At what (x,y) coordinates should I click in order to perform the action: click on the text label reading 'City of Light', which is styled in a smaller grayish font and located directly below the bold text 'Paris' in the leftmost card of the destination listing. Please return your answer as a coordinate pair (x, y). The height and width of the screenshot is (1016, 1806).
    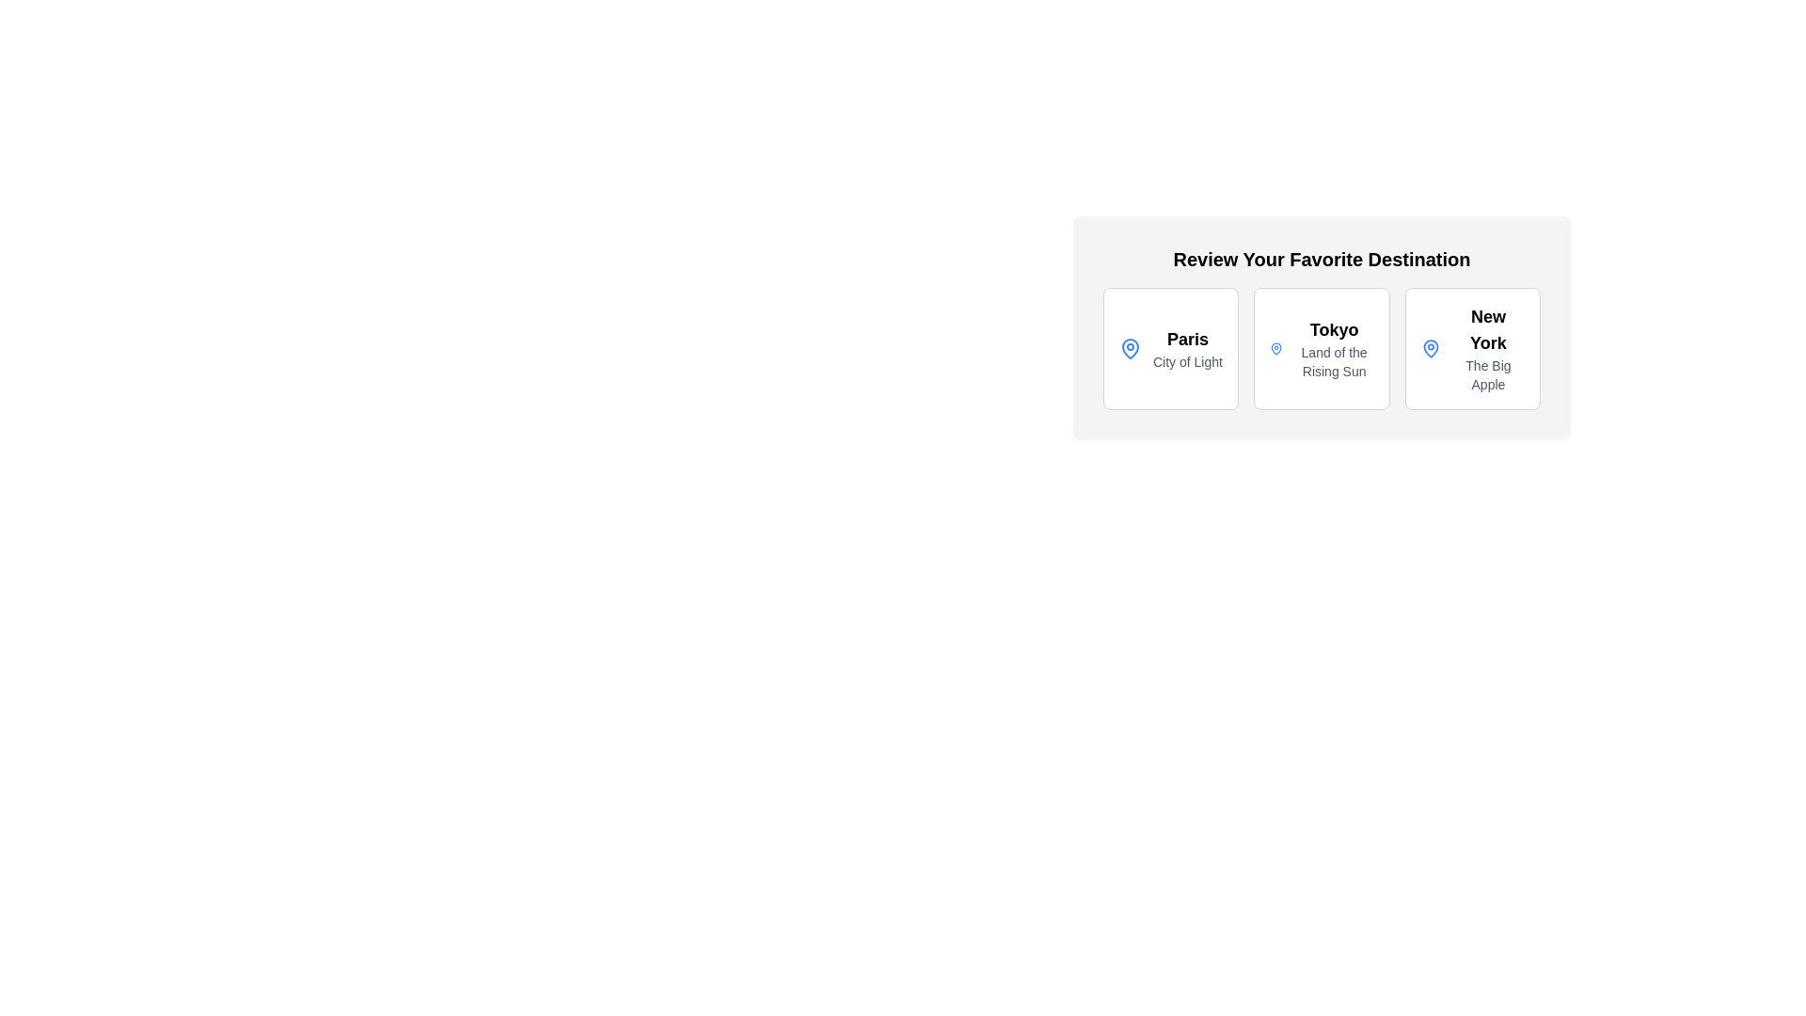
    Looking at the image, I should click on (1186, 362).